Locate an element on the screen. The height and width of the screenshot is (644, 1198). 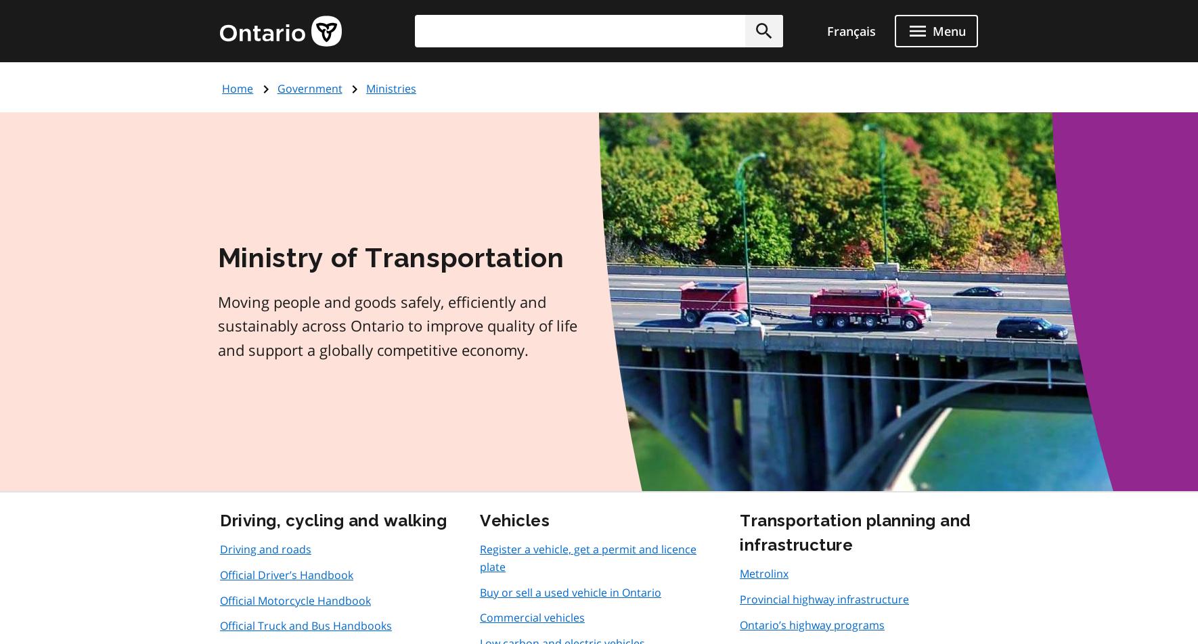
'Moving people and goods safely, efficiently and sustainably across Ontario to improve quality of life and support a globally competitive economy.' is located at coordinates (217, 325).